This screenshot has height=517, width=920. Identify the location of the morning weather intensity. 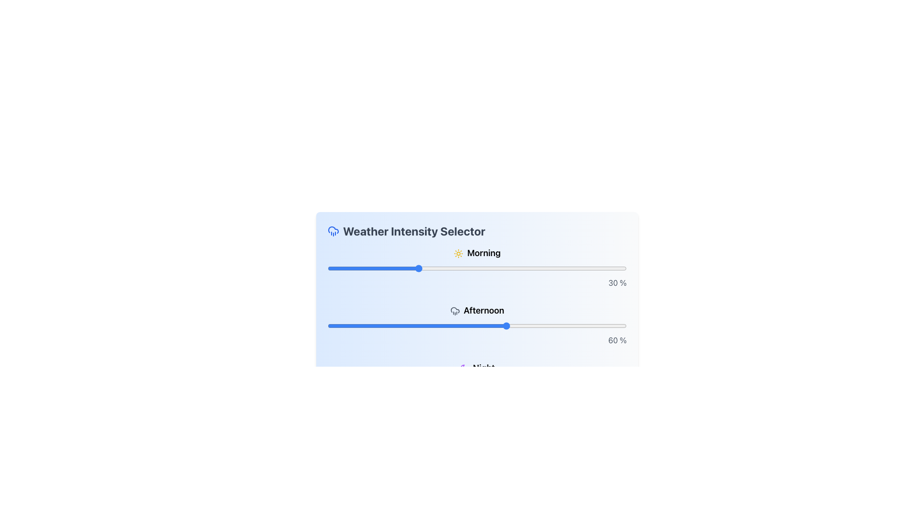
(343, 268).